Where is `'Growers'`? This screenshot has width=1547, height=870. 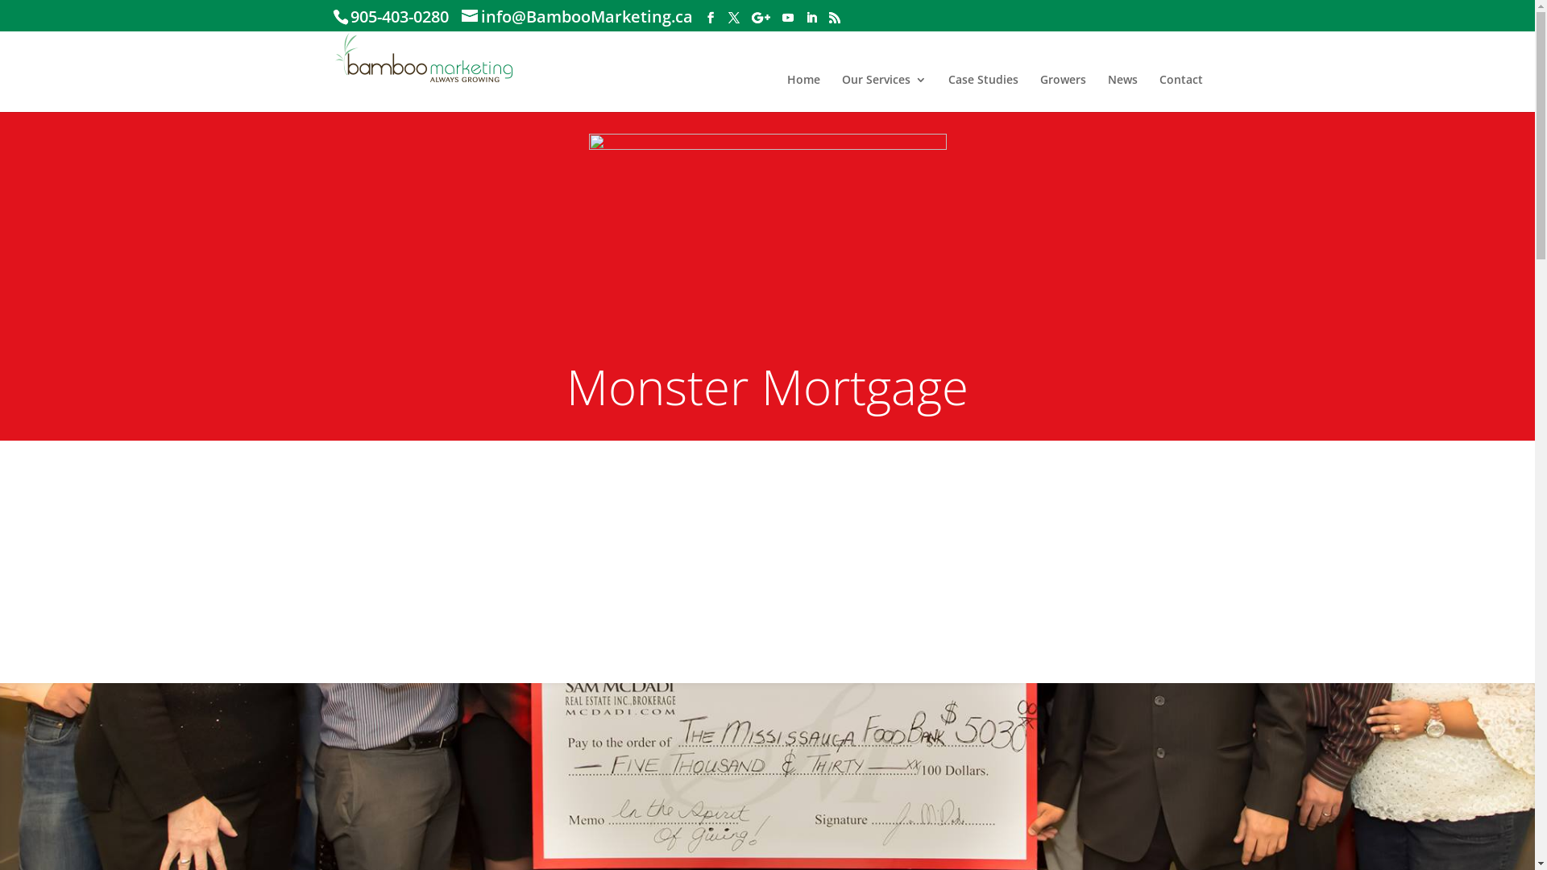 'Growers' is located at coordinates (1062, 93).